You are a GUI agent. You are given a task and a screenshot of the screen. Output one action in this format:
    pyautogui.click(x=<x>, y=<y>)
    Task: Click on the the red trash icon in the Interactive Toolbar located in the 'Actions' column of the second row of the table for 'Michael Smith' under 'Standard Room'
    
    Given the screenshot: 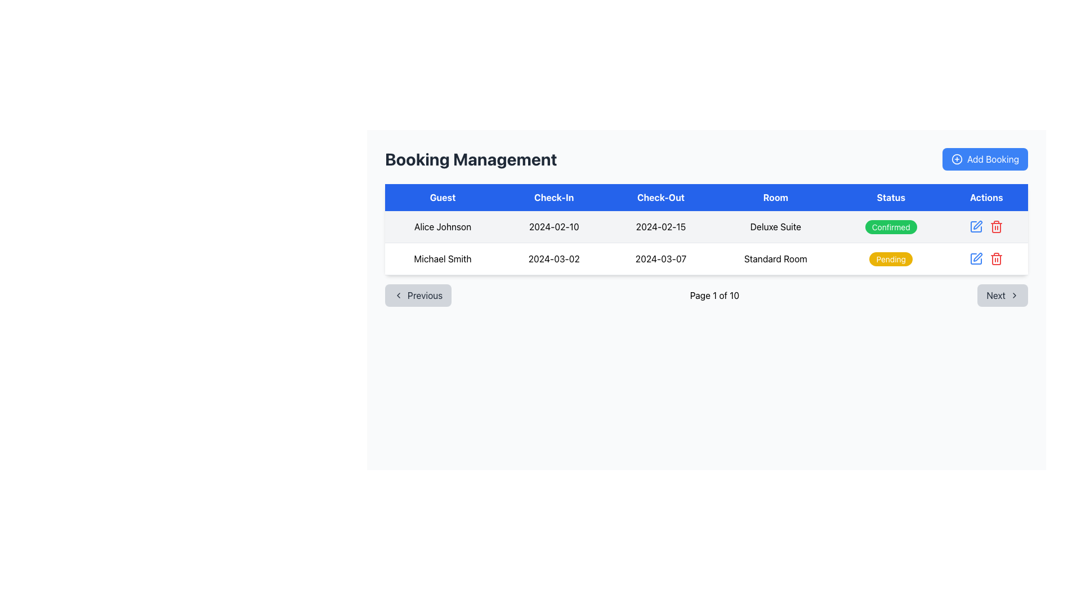 What is the action you would take?
    pyautogui.click(x=986, y=258)
    